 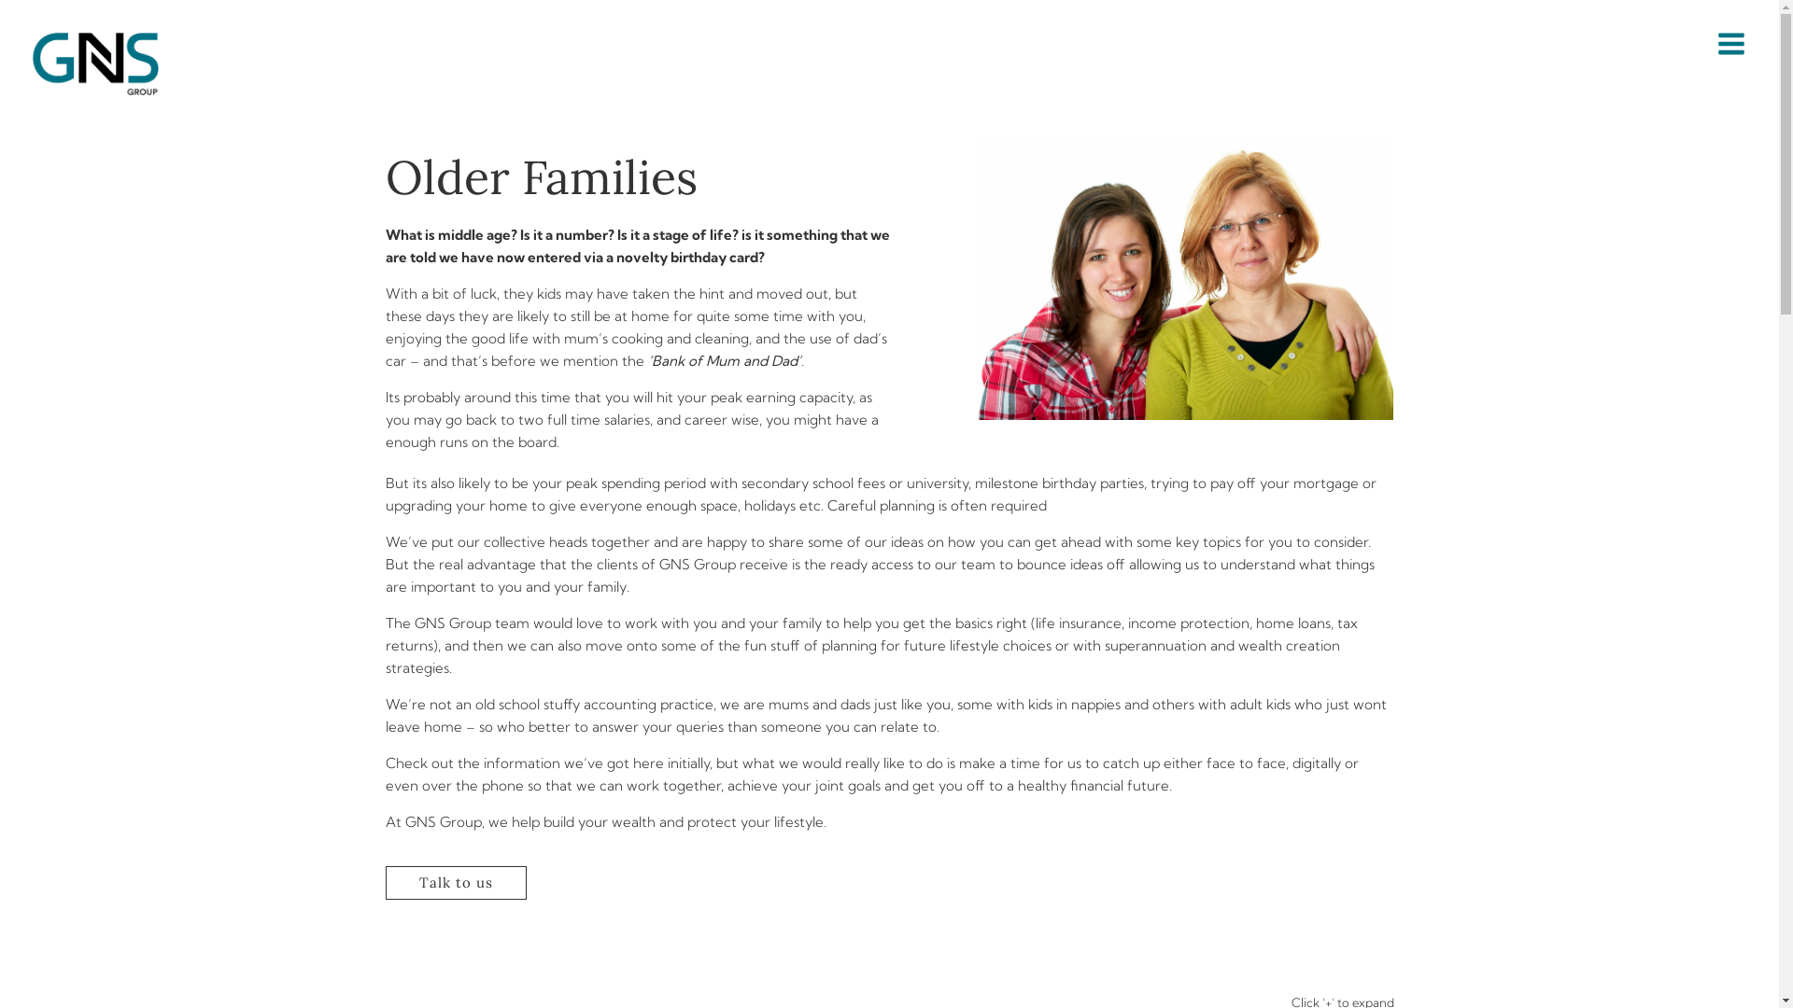 What do you see at coordinates (455, 882) in the screenshot?
I see `'Talk to us'` at bounding box center [455, 882].